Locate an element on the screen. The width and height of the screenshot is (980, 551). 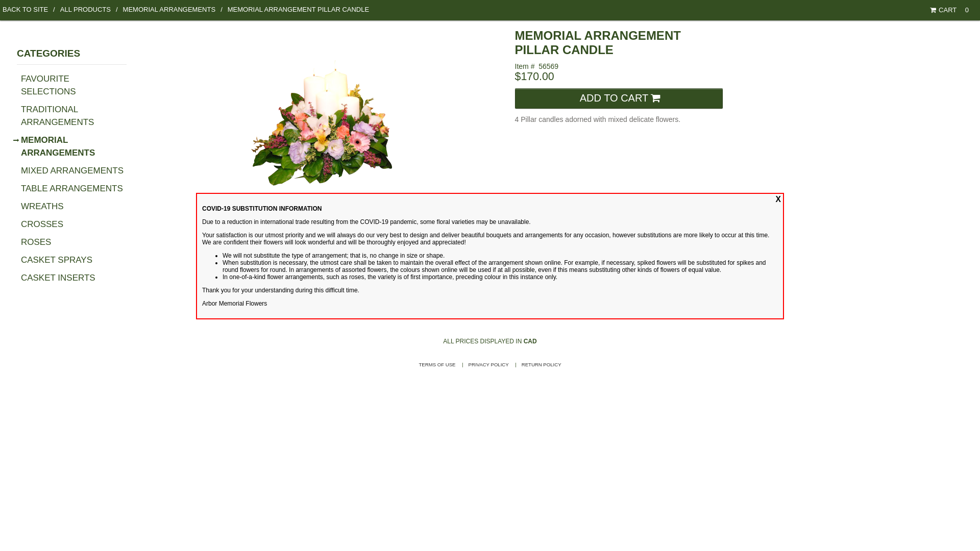
'TRADITIONAL ARRANGEMENTS' is located at coordinates (57, 115).